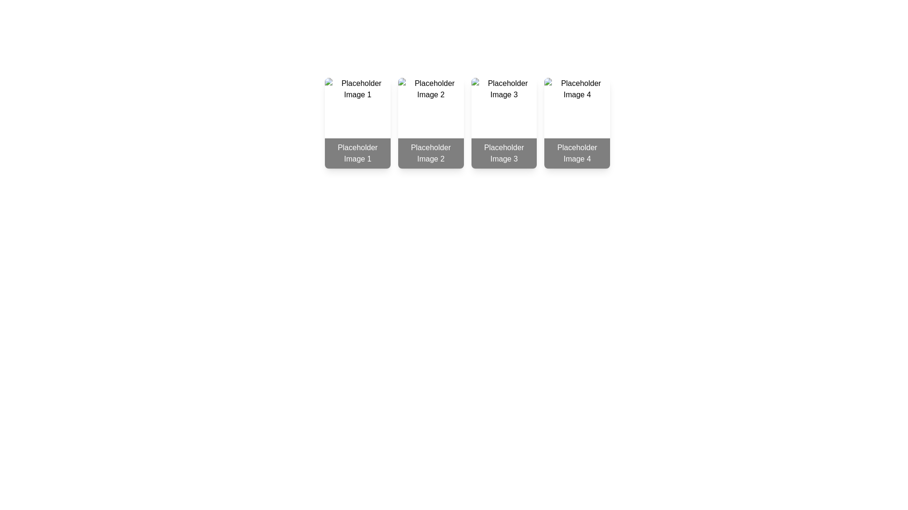  Describe the element at coordinates (430, 153) in the screenshot. I see `text of the dark gray rectangular section labeled 'Placeholder Image 2' located at the bottom of the second card from the left` at that location.